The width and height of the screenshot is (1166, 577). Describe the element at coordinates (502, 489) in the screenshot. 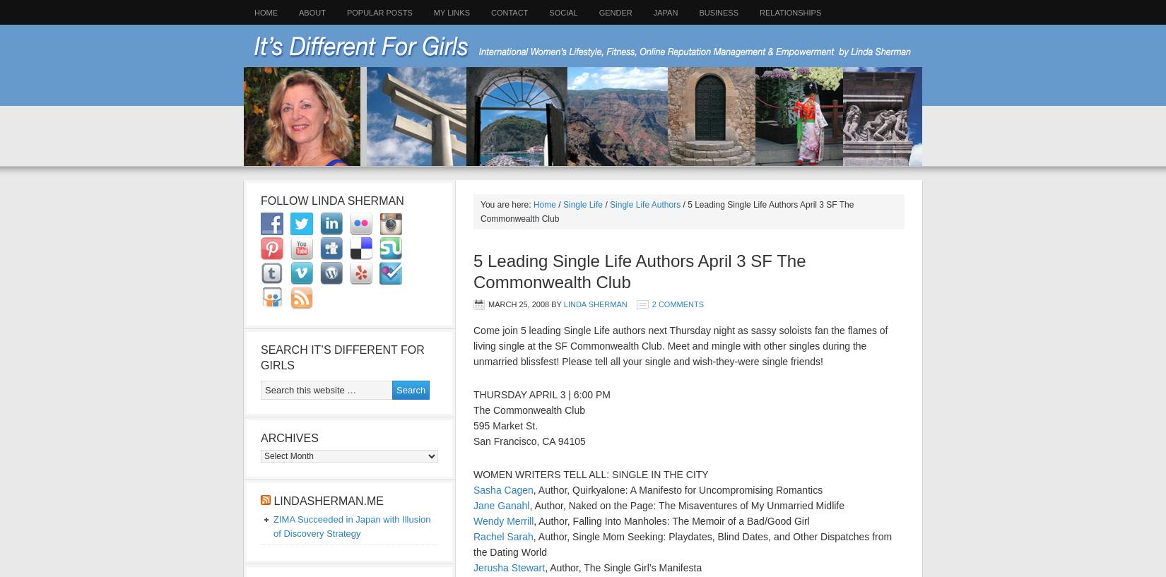

I see `'Sasha Cagen'` at that location.